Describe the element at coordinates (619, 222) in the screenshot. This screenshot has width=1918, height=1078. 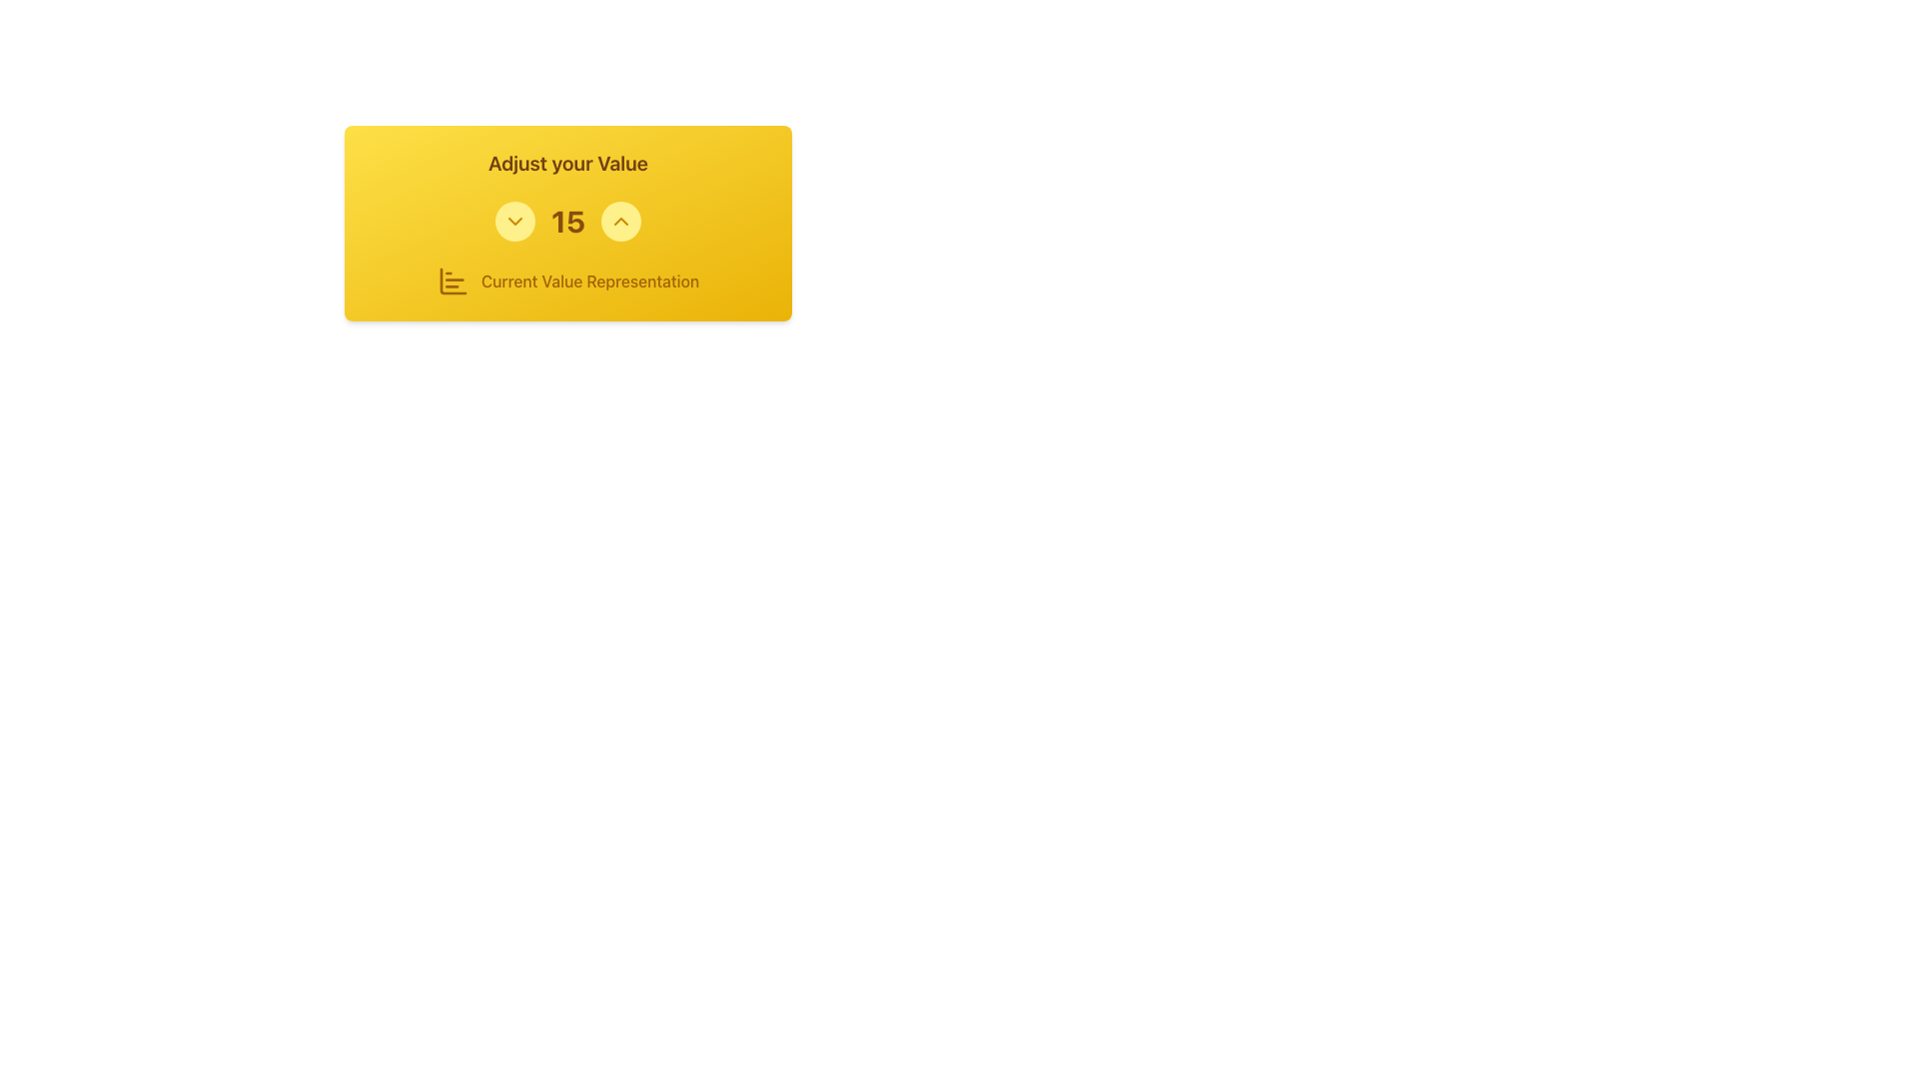
I see `the farthest right button in a horizontal set of three elements` at that location.